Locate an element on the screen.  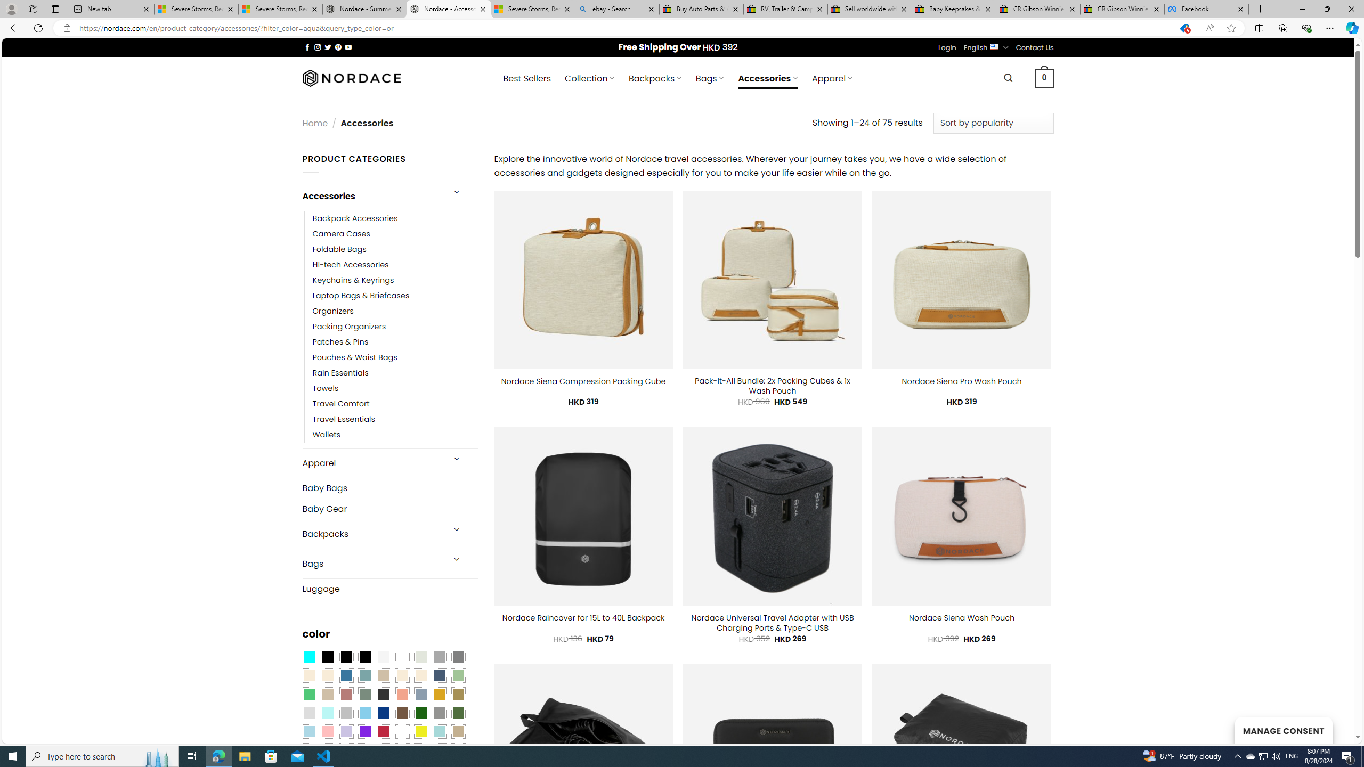
'Cream' is located at coordinates (421, 675).